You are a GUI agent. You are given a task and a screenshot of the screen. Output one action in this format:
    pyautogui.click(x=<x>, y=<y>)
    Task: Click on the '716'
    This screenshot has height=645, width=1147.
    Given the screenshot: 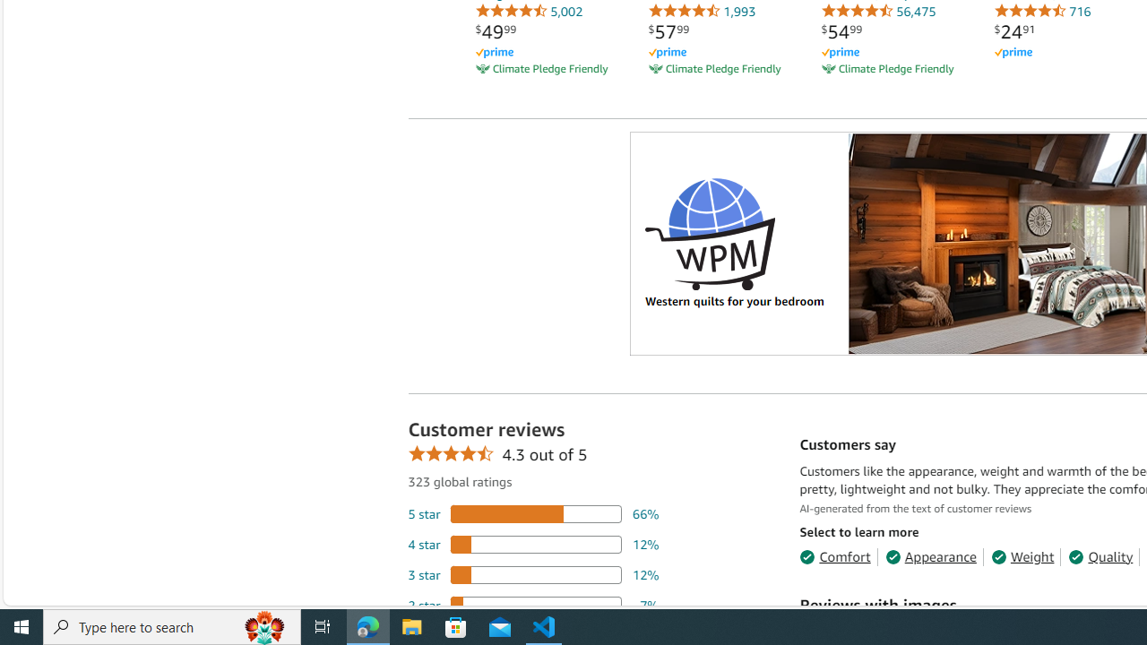 What is the action you would take?
    pyautogui.click(x=1042, y=11)
    